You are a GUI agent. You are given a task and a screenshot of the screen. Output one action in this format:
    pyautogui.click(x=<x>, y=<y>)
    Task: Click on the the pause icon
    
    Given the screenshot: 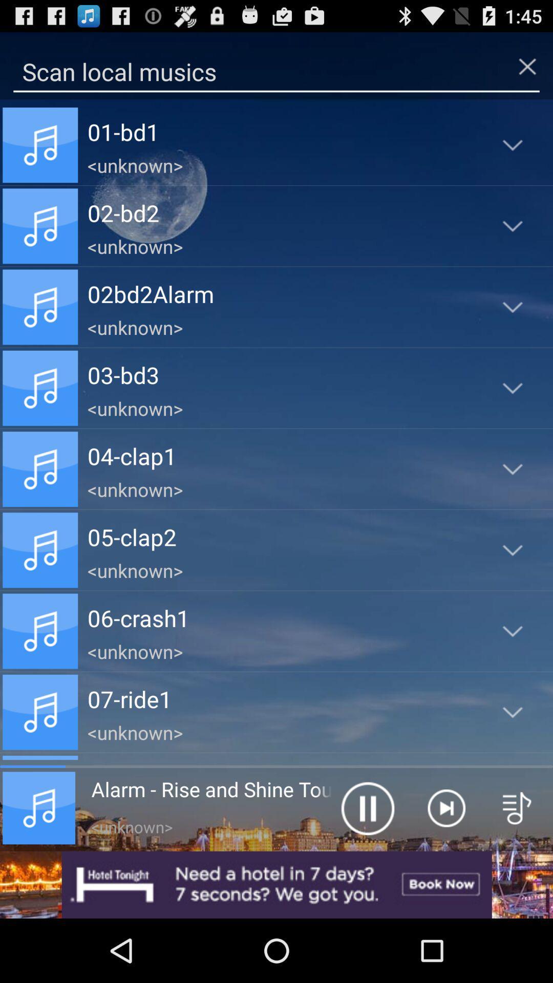 What is the action you would take?
    pyautogui.click(x=367, y=864)
    